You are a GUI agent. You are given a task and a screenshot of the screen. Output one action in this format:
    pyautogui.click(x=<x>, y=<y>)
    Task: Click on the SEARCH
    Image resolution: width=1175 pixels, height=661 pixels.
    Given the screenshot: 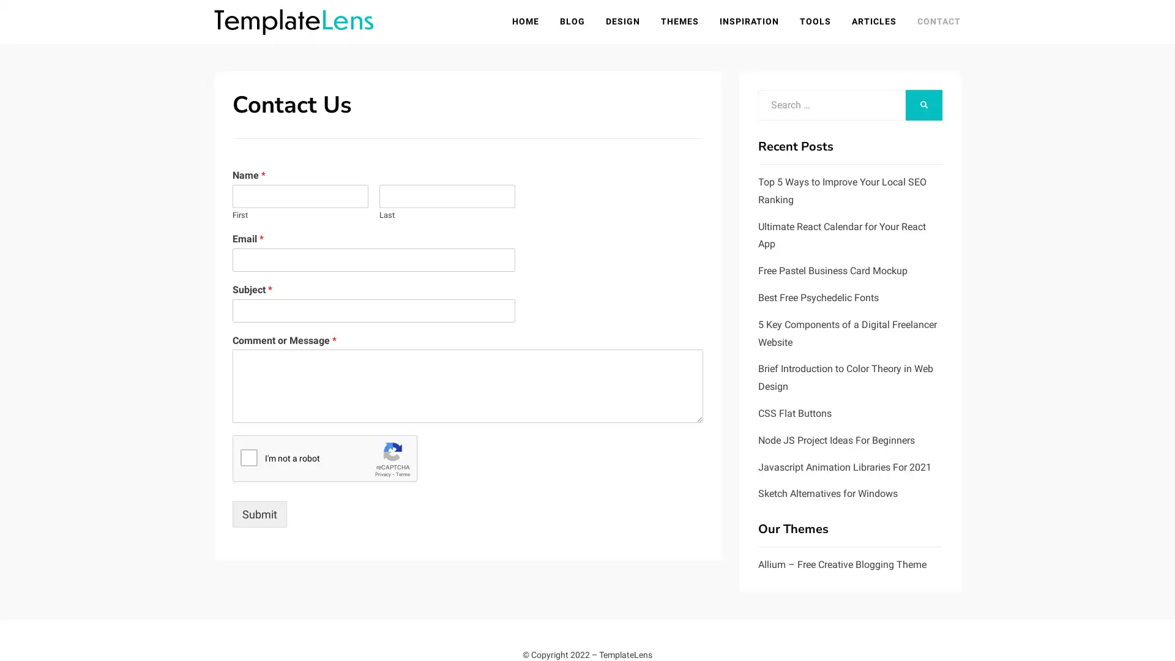 What is the action you would take?
    pyautogui.click(x=924, y=105)
    